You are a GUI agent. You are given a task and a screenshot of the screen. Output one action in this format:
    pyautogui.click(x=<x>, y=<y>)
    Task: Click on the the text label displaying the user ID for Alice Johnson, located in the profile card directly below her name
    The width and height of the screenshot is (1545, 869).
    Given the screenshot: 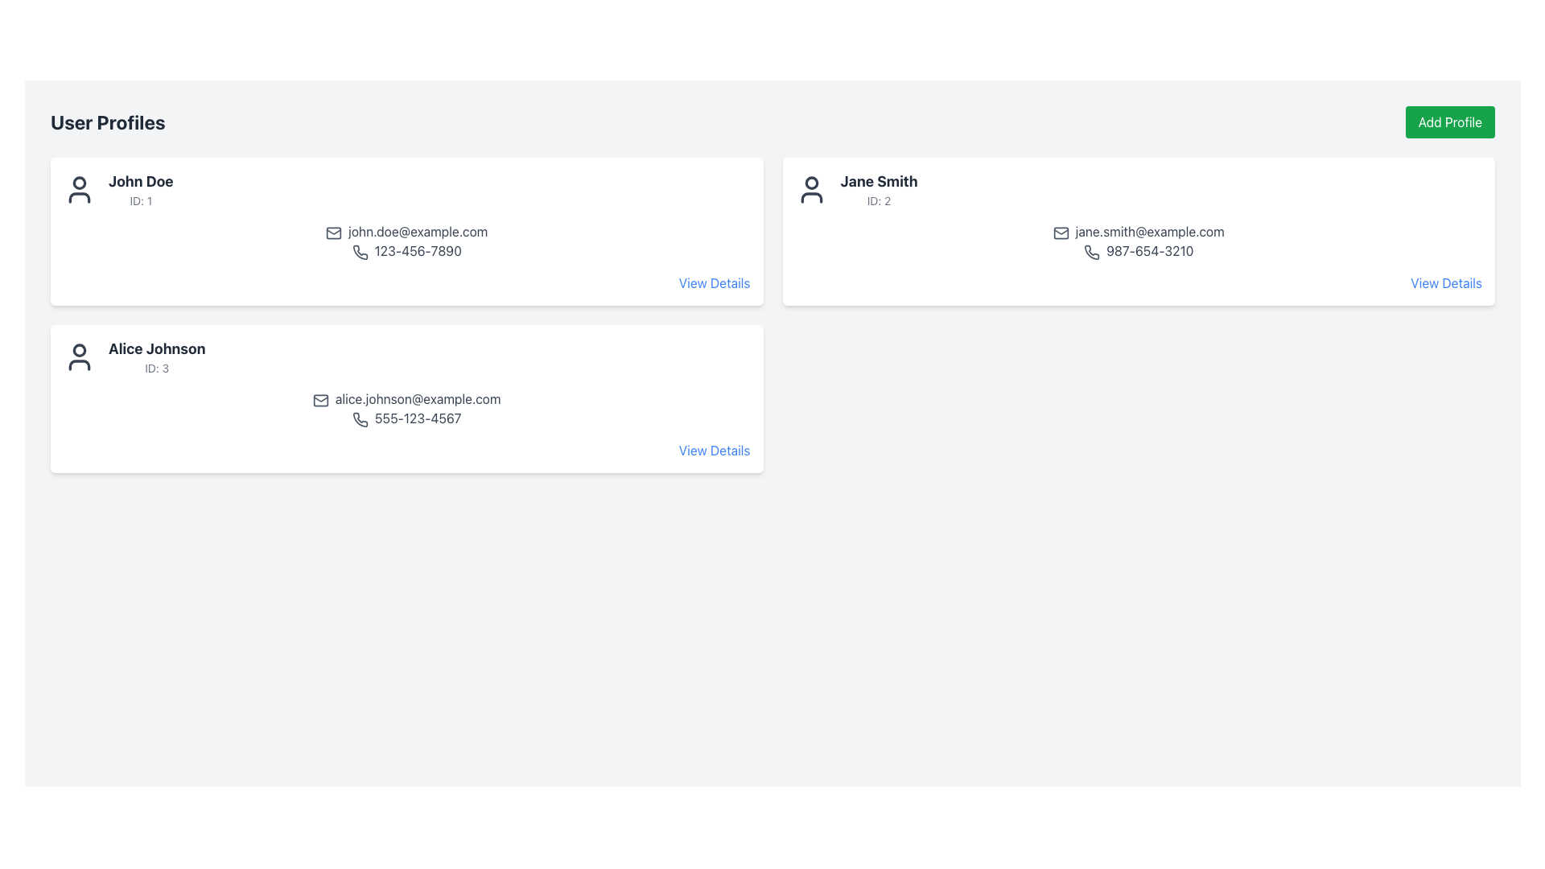 What is the action you would take?
    pyautogui.click(x=157, y=369)
    